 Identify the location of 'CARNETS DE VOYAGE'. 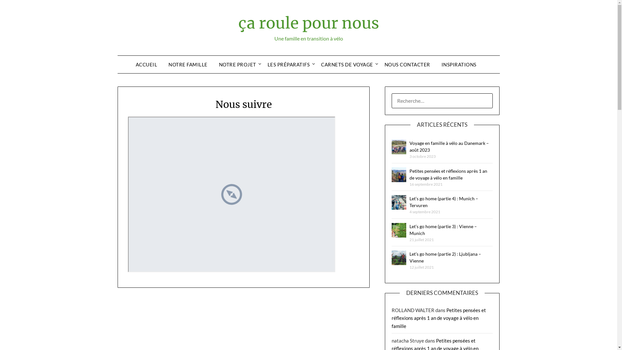
(316, 64).